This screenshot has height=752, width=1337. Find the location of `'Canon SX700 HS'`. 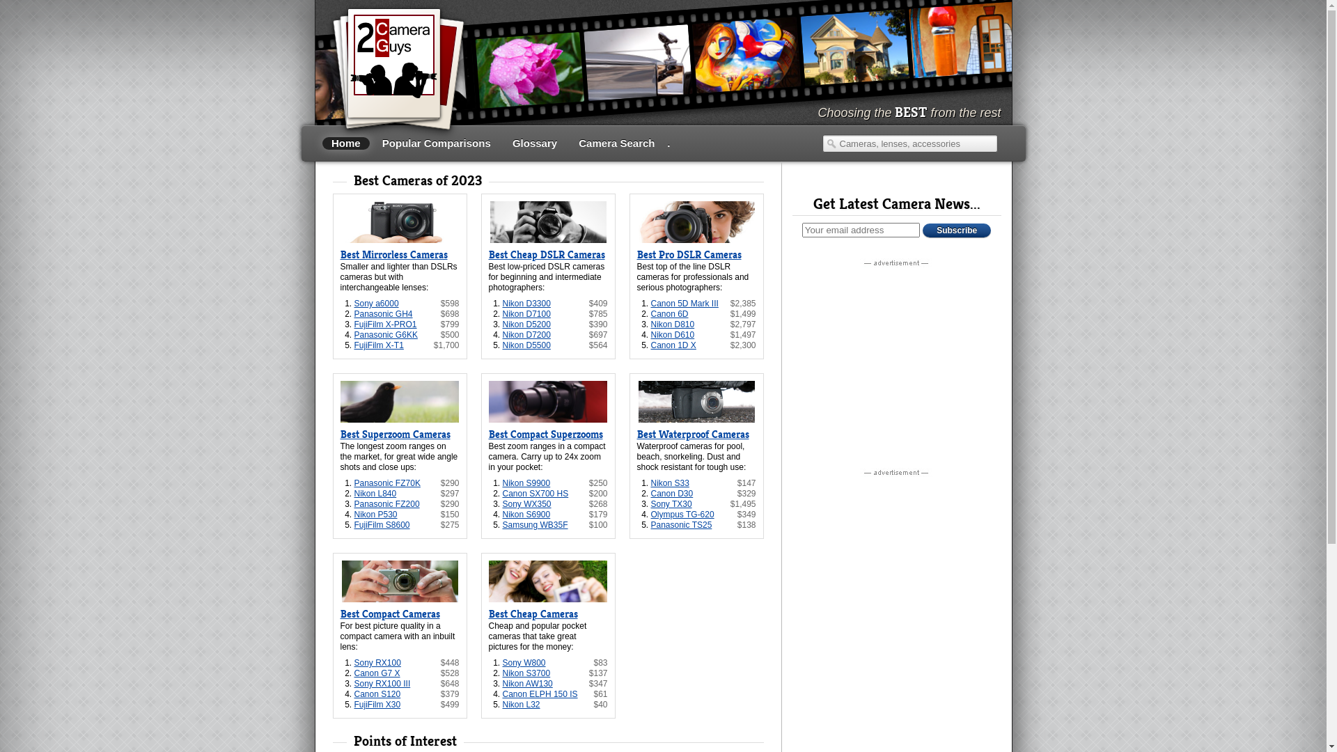

'Canon SX700 HS' is located at coordinates (535, 493).